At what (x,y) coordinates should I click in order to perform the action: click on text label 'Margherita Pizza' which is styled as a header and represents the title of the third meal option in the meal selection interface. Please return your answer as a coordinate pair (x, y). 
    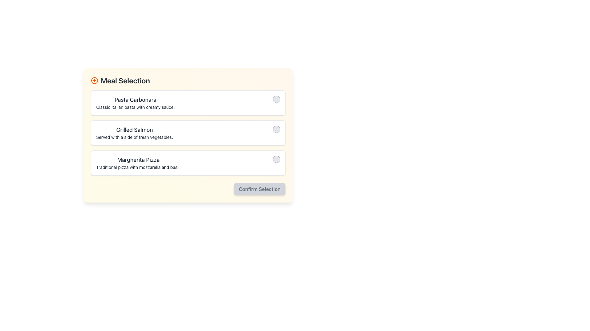
    Looking at the image, I should click on (138, 159).